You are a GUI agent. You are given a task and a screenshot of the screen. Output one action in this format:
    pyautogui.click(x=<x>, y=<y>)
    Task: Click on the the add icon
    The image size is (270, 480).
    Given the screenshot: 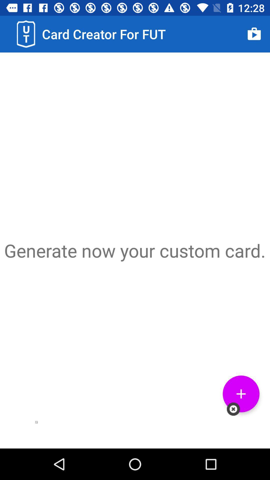 What is the action you would take?
    pyautogui.click(x=241, y=393)
    